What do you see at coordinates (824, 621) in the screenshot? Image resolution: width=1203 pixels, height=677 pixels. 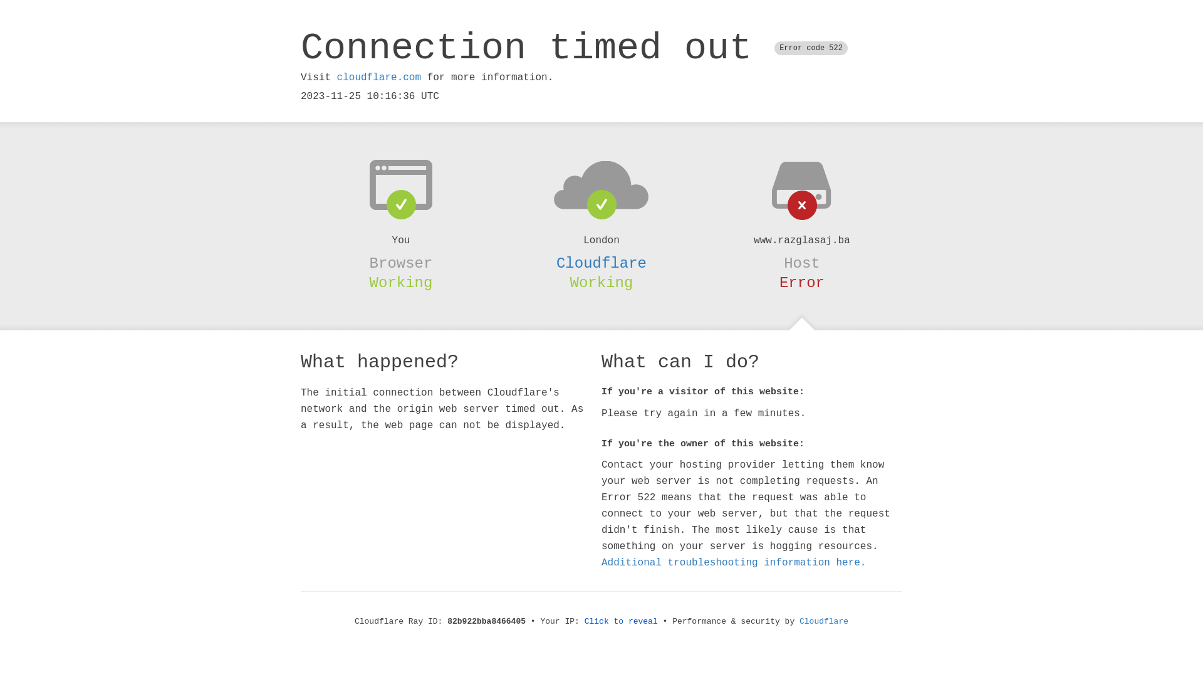 I see `'Cloudflare'` at bounding box center [824, 621].